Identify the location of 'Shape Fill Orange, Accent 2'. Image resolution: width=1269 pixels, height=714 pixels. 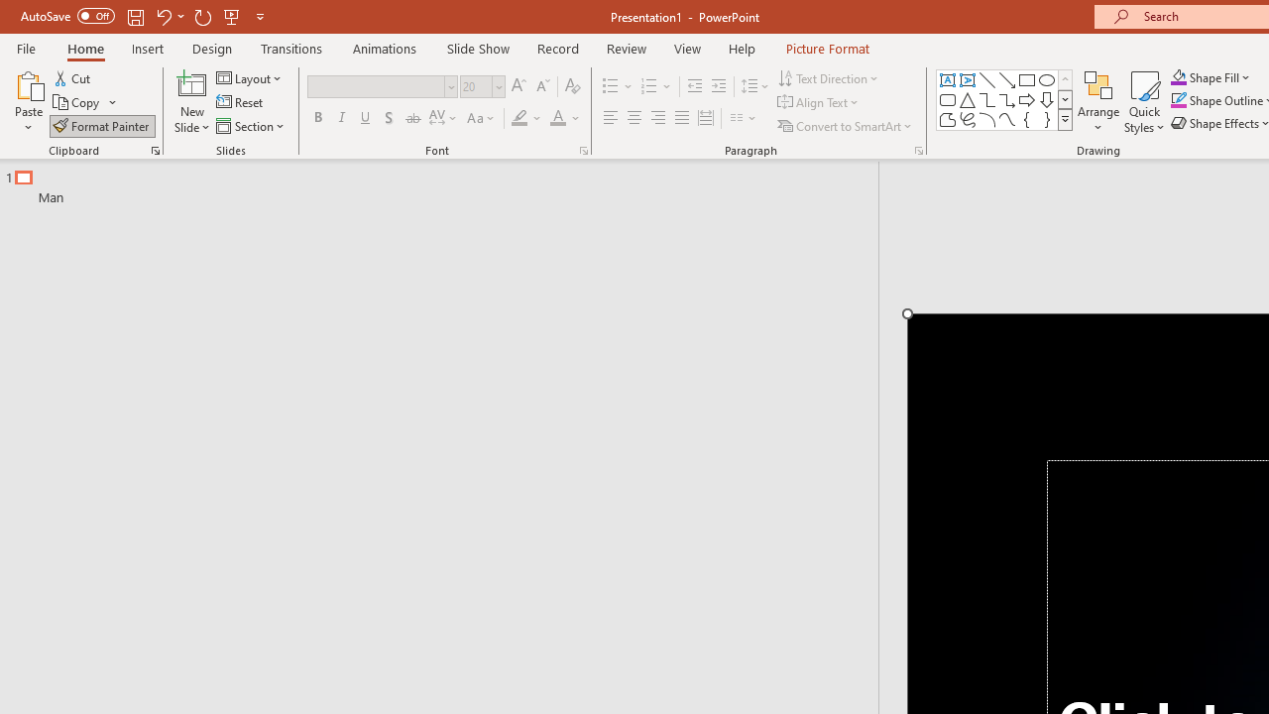
(1179, 76).